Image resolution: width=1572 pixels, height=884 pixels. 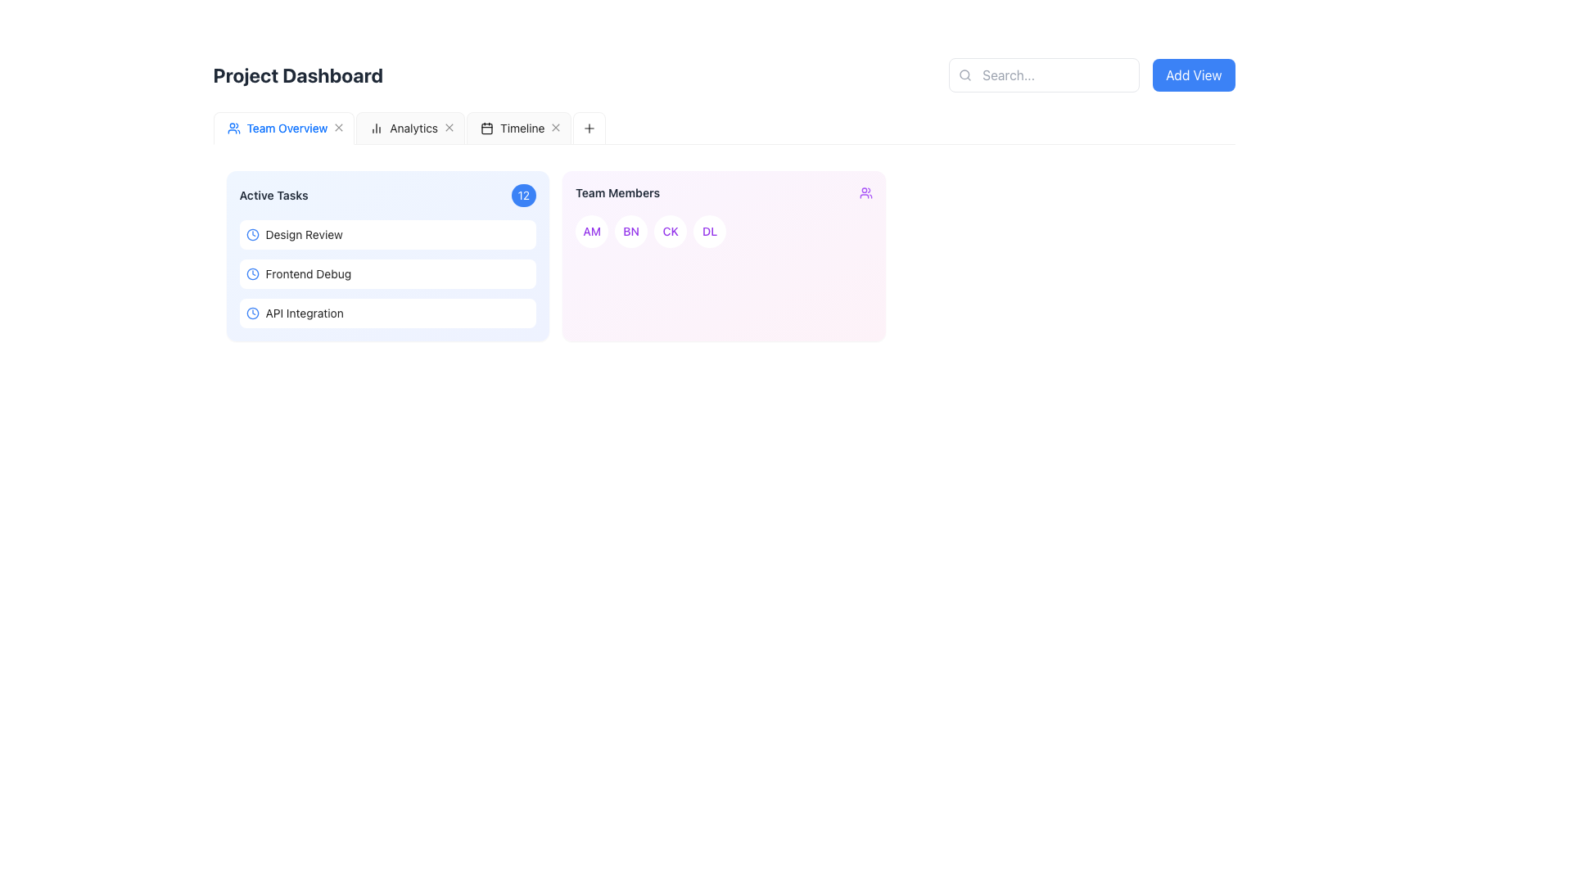 What do you see at coordinates (404, 128) in the screenshot?
I see `the 'Analytics' tab located in the navigation section at the top of the interface` at bounding box center [404, 128].